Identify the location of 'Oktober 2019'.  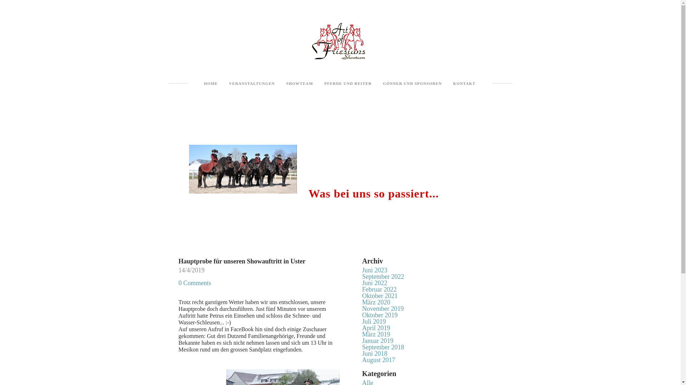
(379, 314).